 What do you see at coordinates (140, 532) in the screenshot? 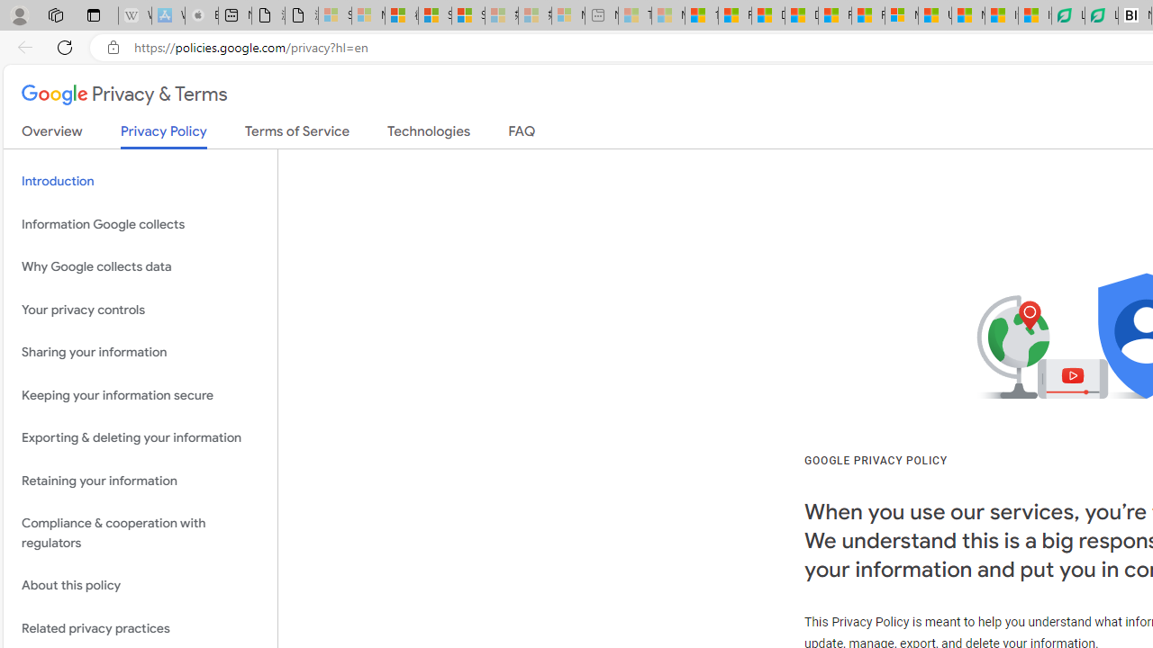
I see `'Compliance & cooperation with regulators'` at bounding box center [140, 532].